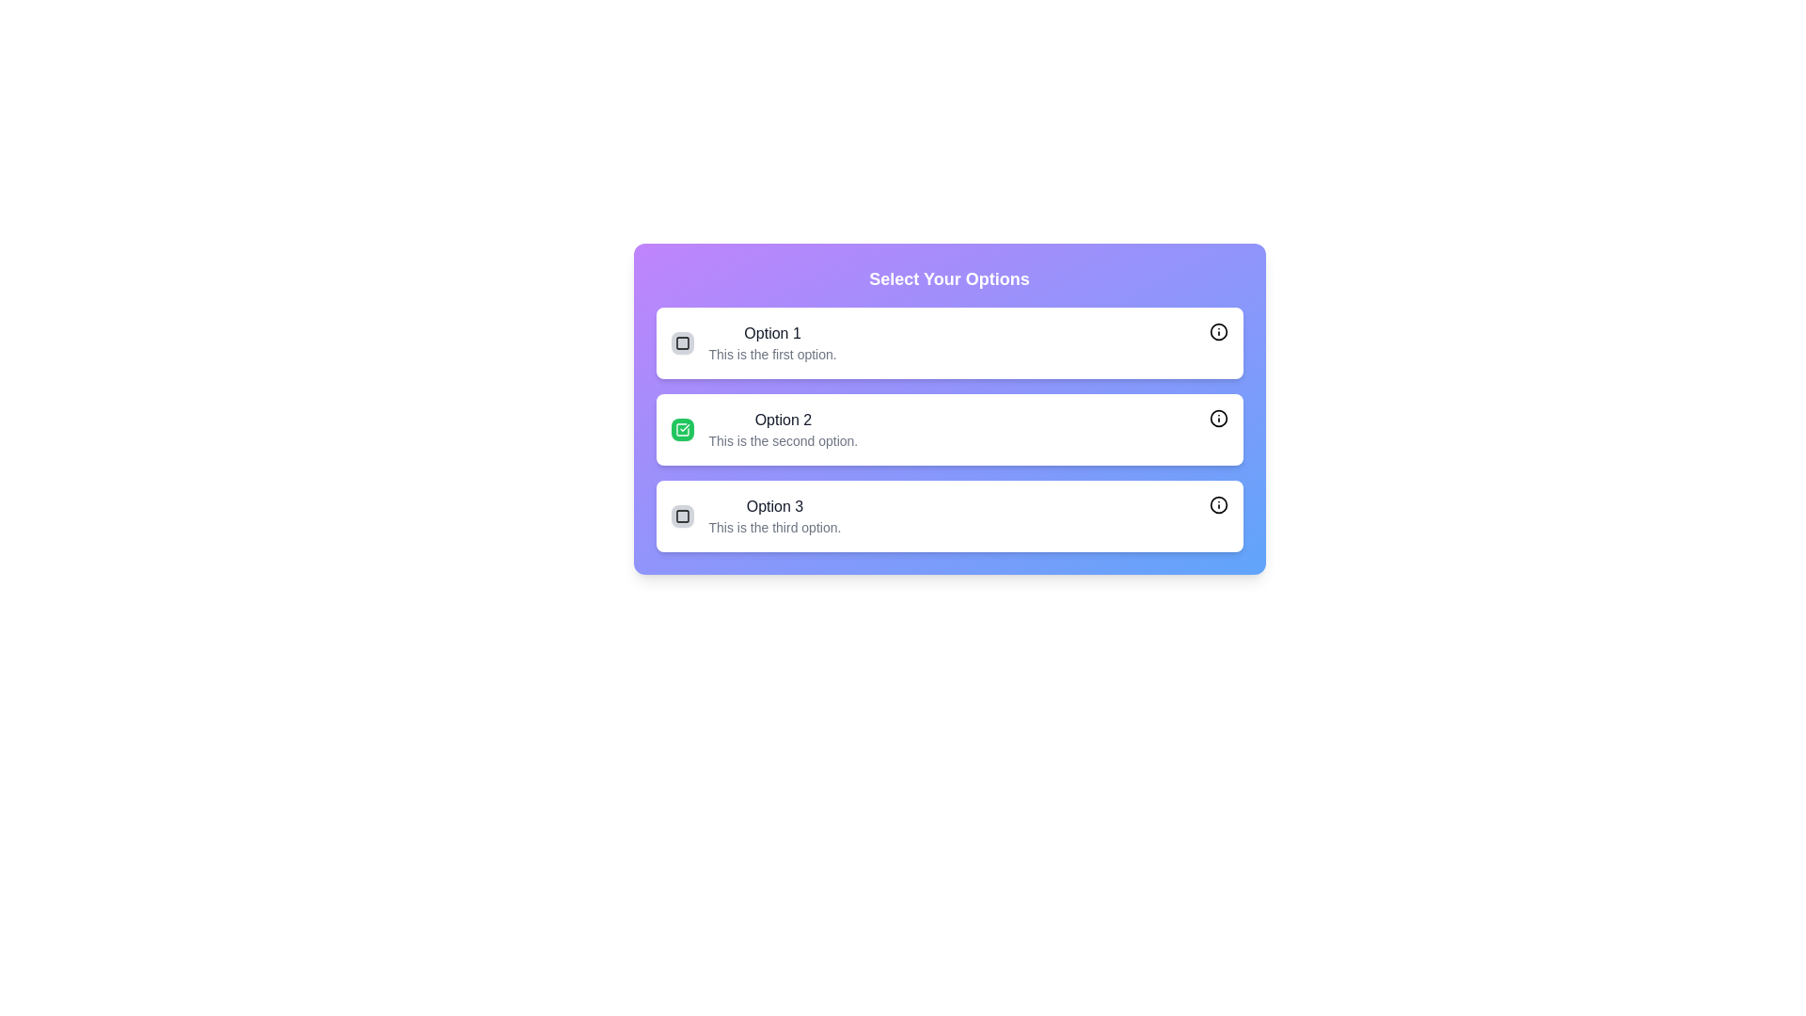 The width and height of the screenshot is (1806, 1016). I want to click on the circular icon button with a hollow interior and embedded exclamation mark symbol located on the right side of the text content of Option 3, so click(1218, 503).